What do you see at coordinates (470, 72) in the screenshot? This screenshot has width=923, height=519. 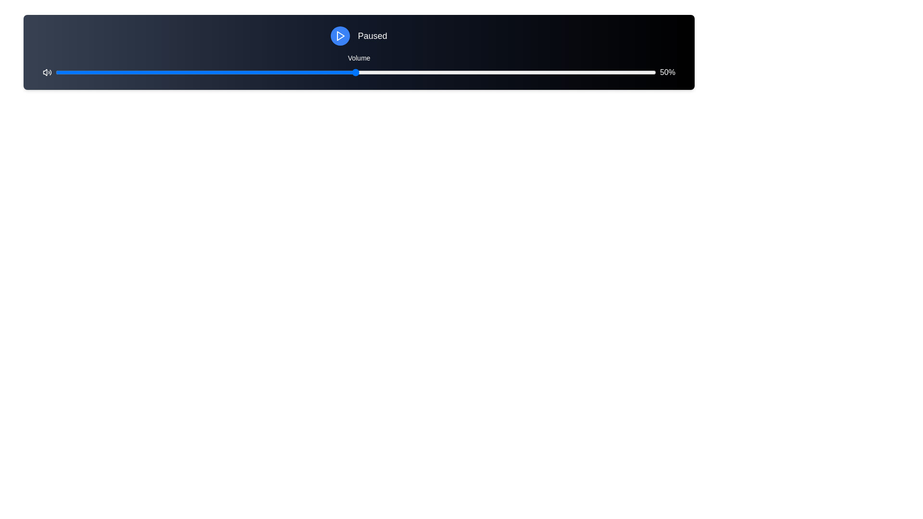 I see `the volume level` at bounding box center [470, 72].